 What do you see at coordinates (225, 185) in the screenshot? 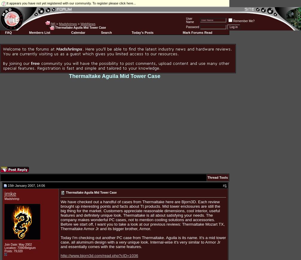
I see `'1'` at bounding box center [225, 185].